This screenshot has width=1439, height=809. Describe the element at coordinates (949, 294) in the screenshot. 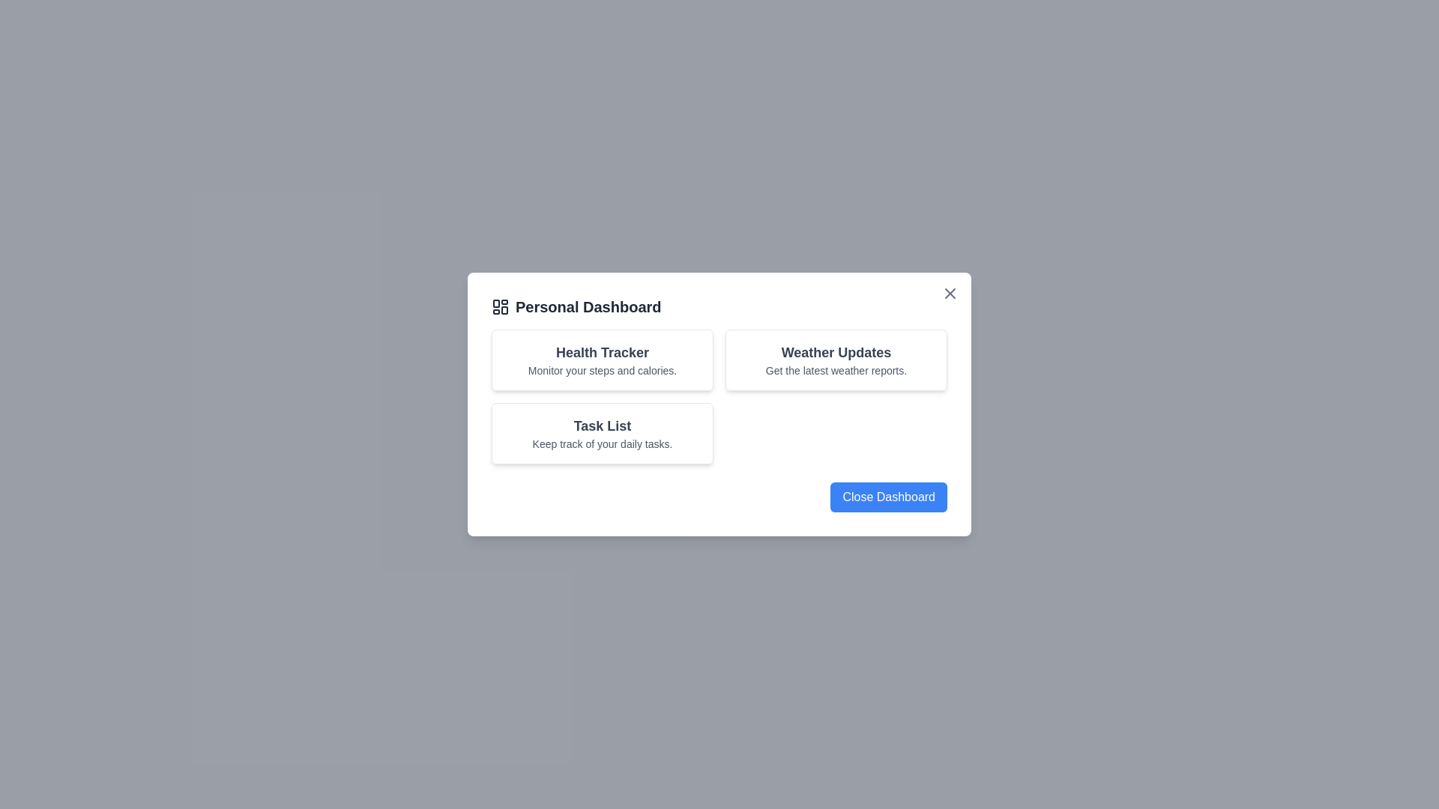

I see `the close button located at the top-right corner of the dialog to close it` at that location.